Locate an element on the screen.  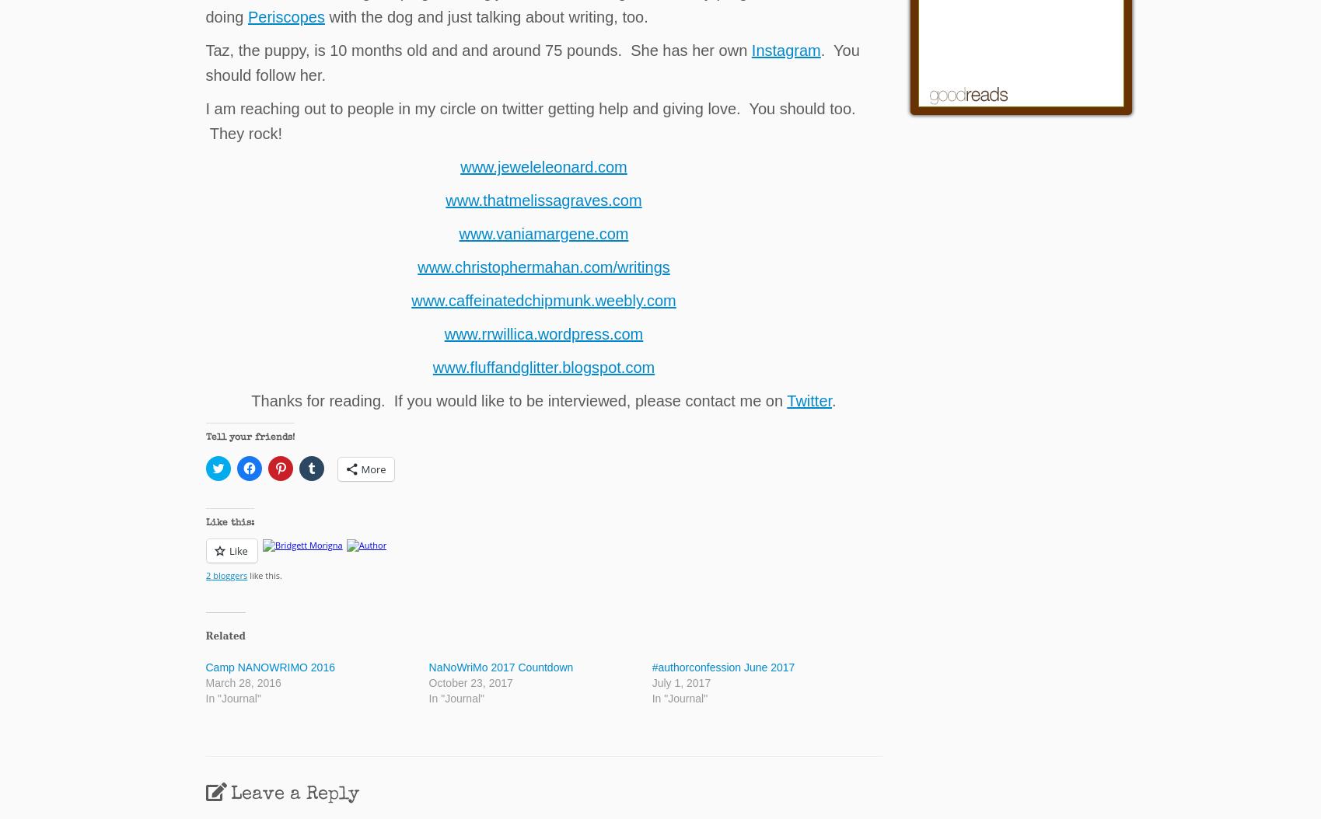
'Thanks for reading.  If you would like to be interviewed, please contact me on' is located at coordinates (518, 400).